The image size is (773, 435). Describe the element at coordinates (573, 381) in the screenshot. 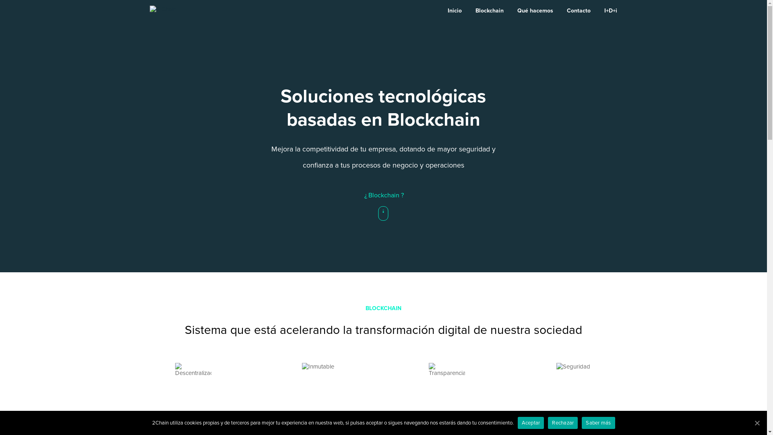

I see `'Seguridad'` at that location.